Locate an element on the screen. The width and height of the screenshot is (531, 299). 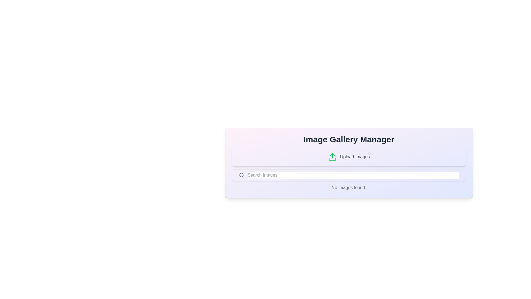
the text label that reads 'No images found.' which is styled in light gray and centered at the bottom of its section, directly below the 'Upload Images' button and above a search bar is located at coordinates (348, 187).